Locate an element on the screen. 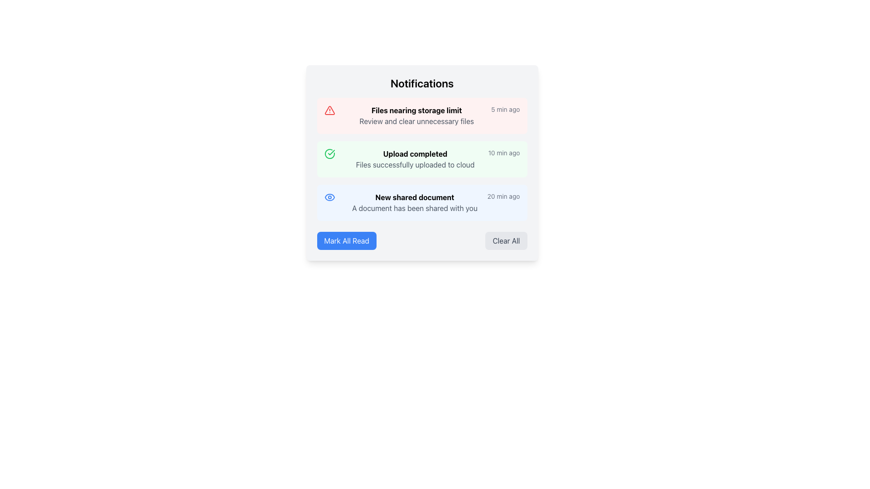 Image resolution: width=870 pixels, height=489 pixels. the button that marks all notifications as read, located at the bottom left corner of the notifications card is located at coordinates (346, 240).